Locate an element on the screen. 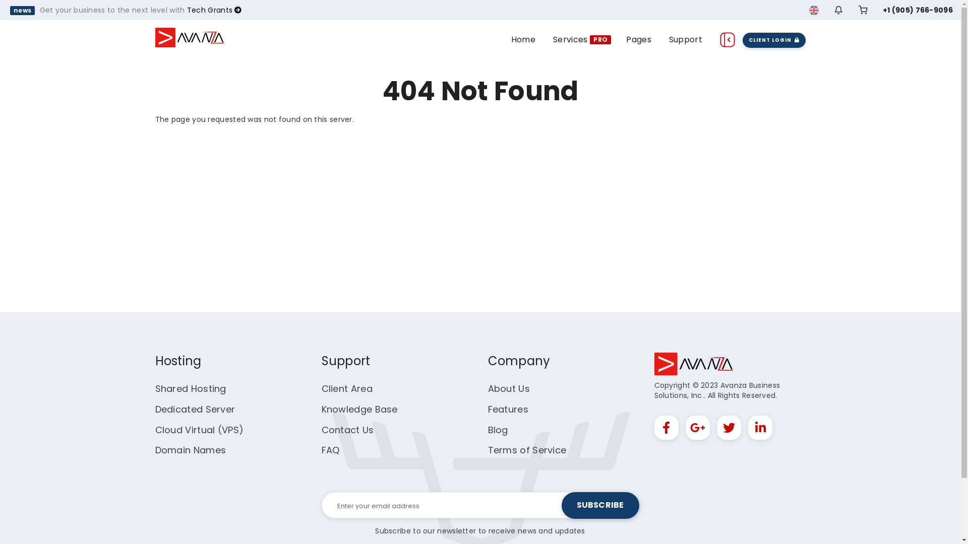  'Dedicated Server' is located at coordinates (195, 409).